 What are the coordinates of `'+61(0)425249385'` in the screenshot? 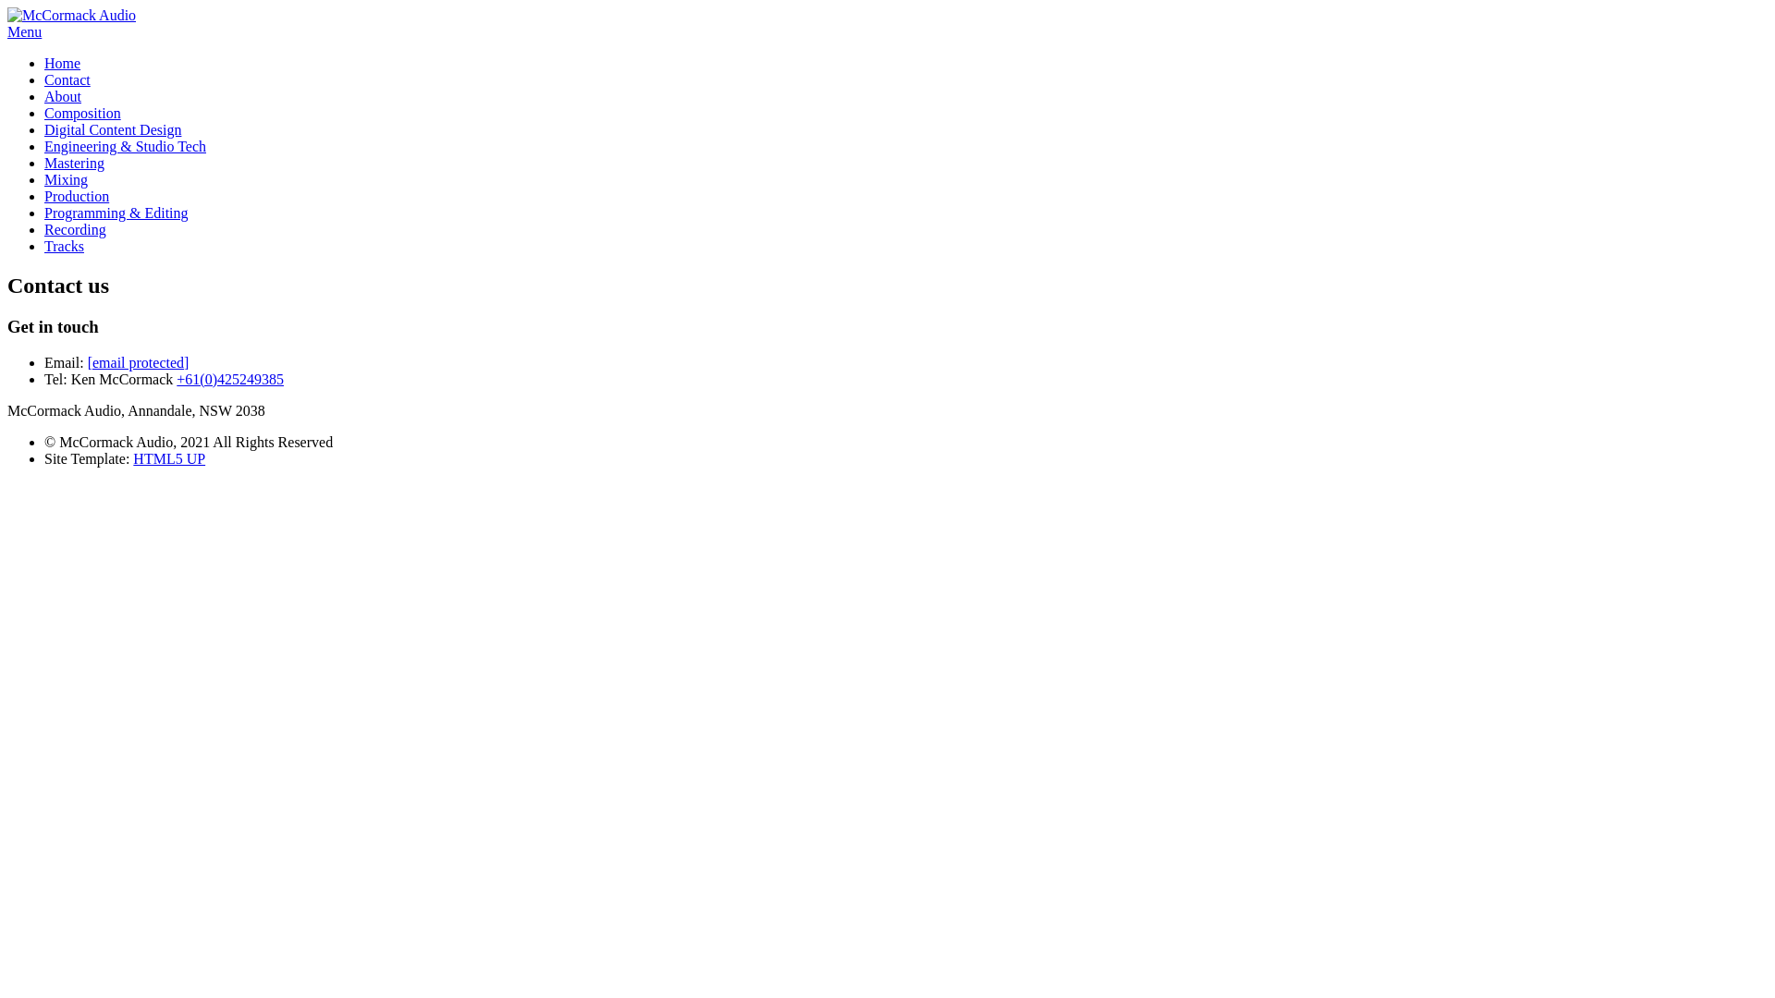 It's located at (229, 378).